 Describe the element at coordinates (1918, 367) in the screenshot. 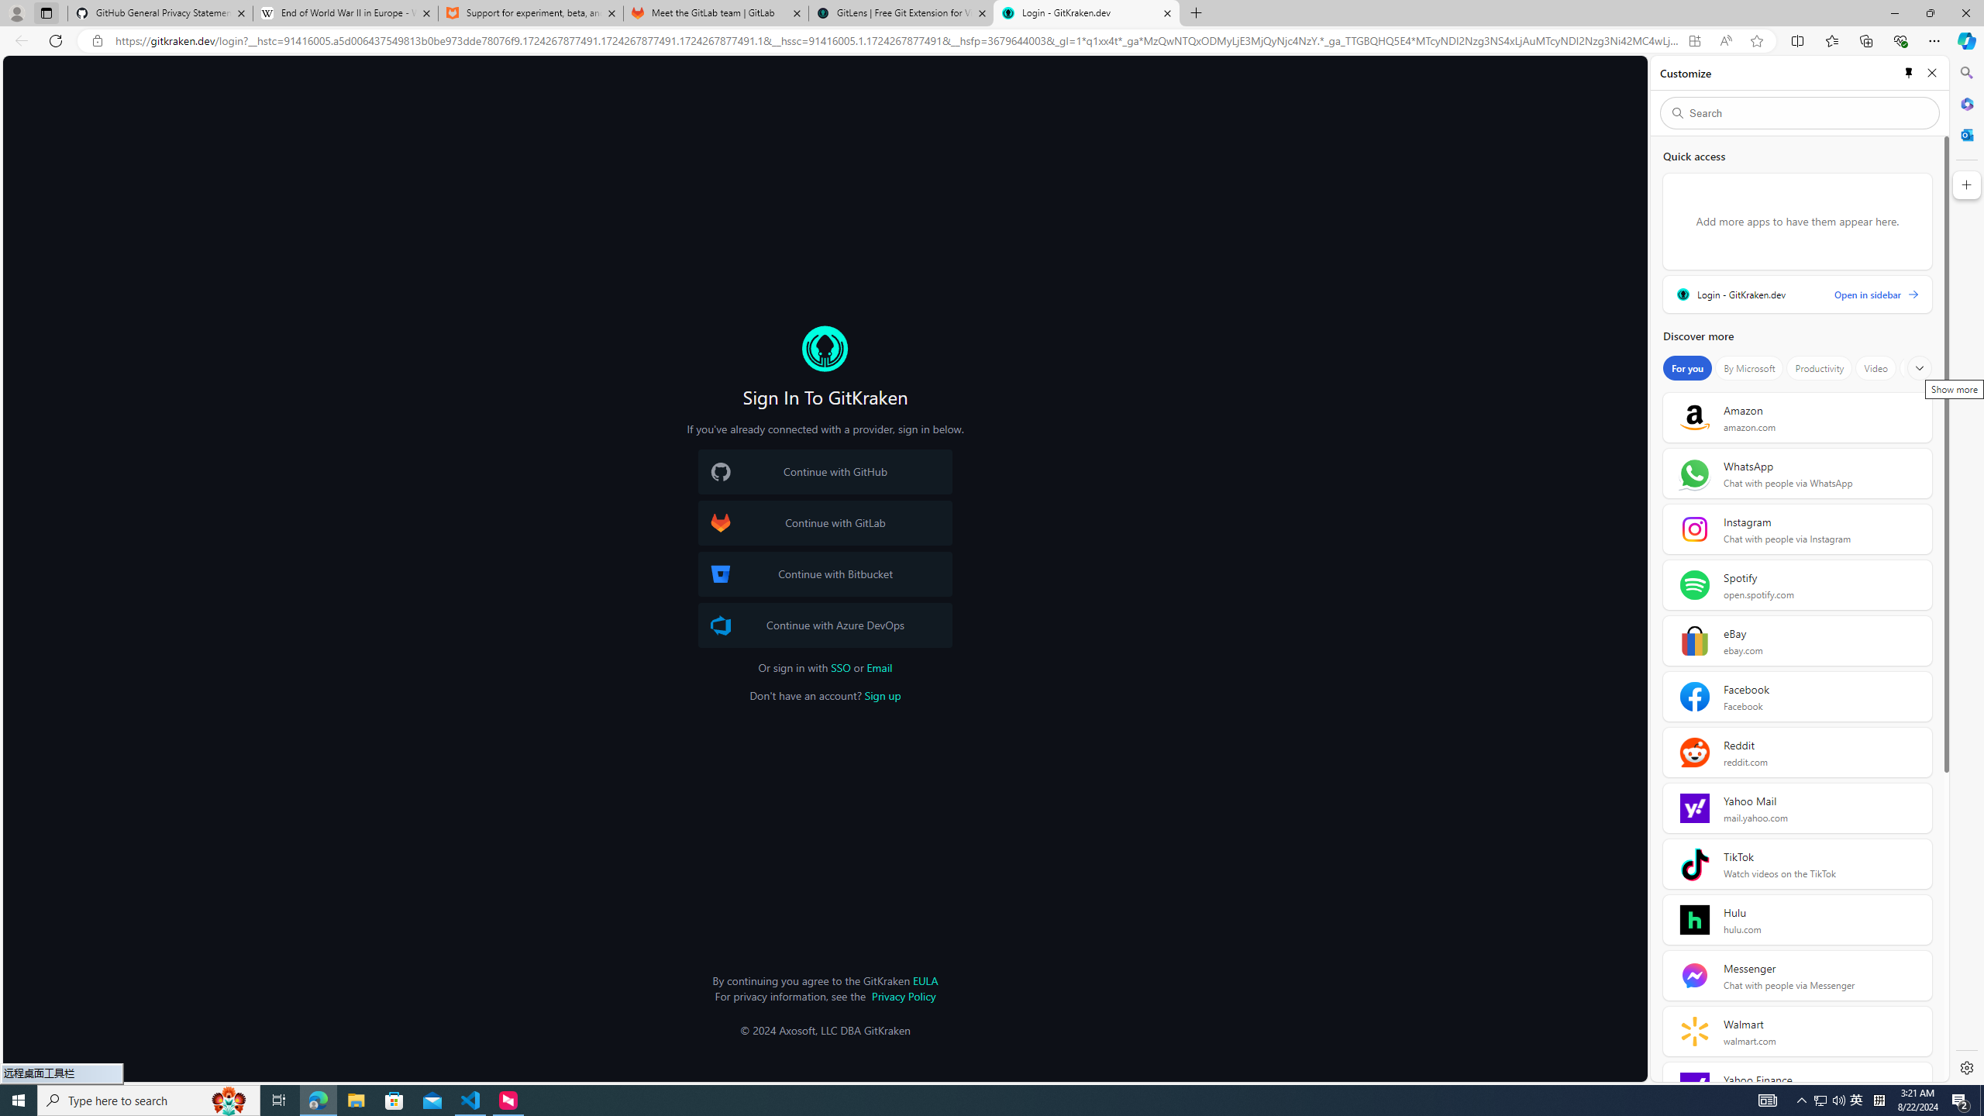

I see `'Show more'` at that location.